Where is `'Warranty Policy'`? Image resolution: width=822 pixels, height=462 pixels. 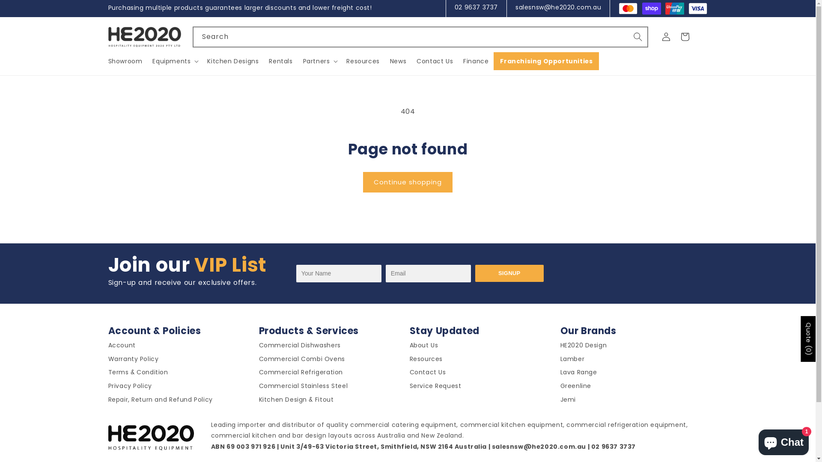 'Warranty Policy' is located at coordinates (107, 361).